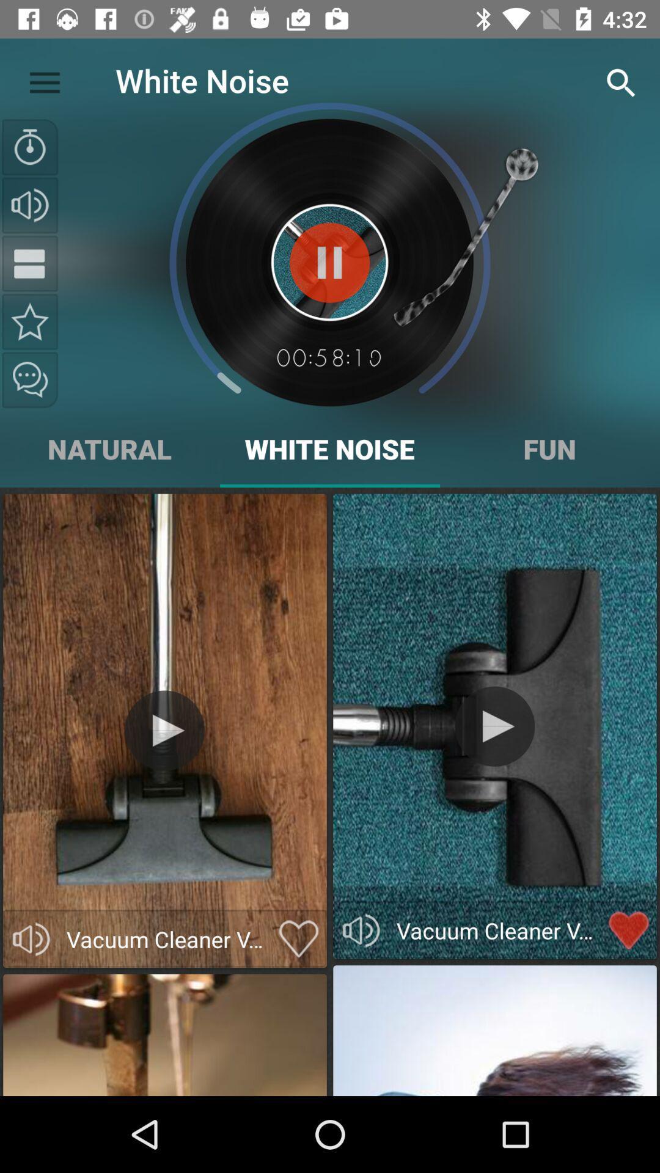 This screenshot has width=660, height=1173. What do you see at coordinates (29, 321) in the screenshot?
I see `the star icon` at bounding box center [29, 321].